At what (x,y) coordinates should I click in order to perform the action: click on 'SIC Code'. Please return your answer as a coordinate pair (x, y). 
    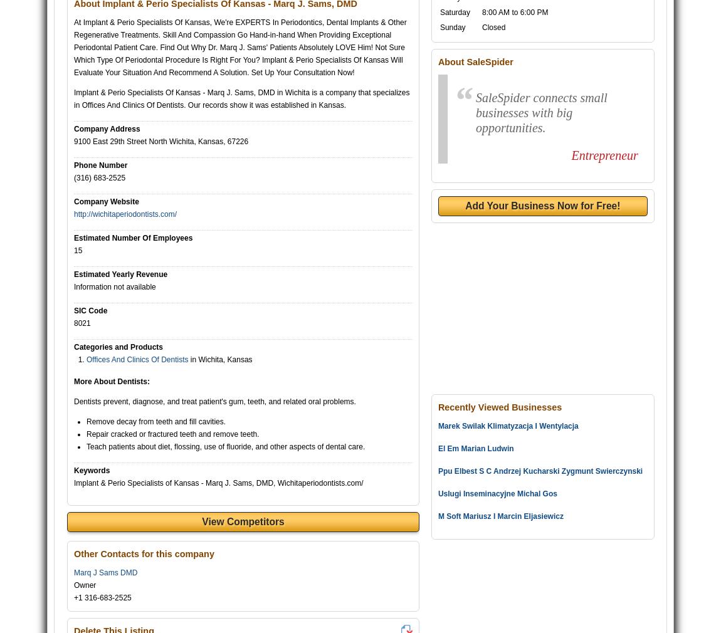
    Looking at the image, I should click on (90, 311).